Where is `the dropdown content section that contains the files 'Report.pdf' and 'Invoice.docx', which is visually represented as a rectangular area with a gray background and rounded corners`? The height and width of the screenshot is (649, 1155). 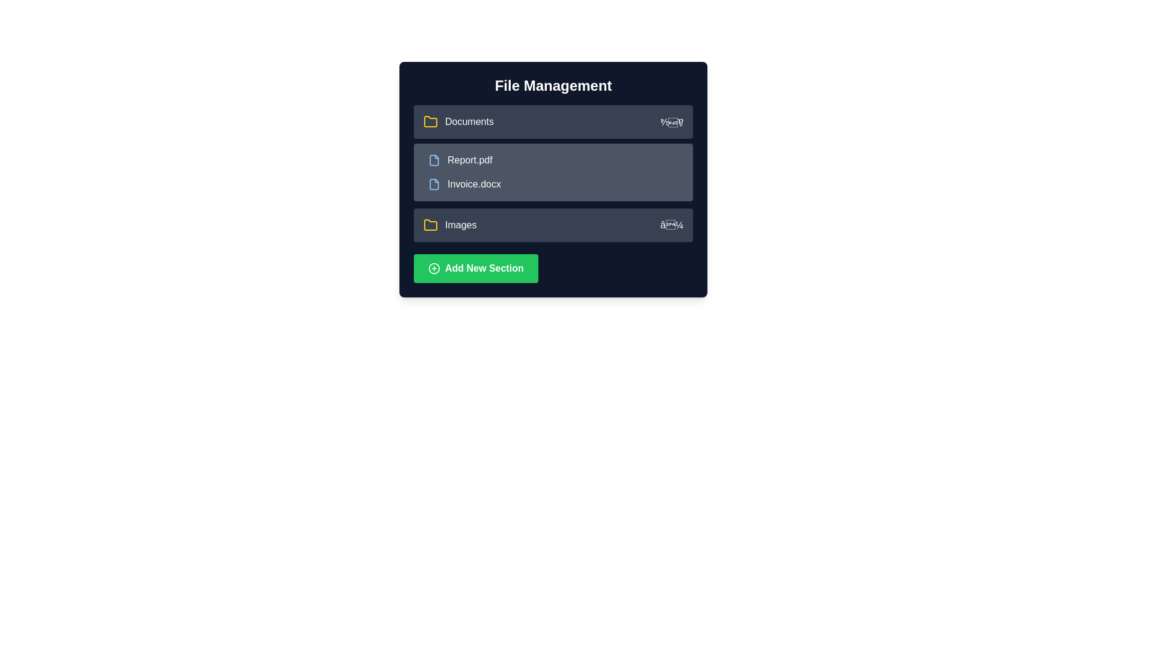 the dropdown content section that contains the files 'Report.pdf' and 'Invoice.docx', which is visually represented as a rectangular area with a gray background and rounded corners is located at coordinates (553, 172).